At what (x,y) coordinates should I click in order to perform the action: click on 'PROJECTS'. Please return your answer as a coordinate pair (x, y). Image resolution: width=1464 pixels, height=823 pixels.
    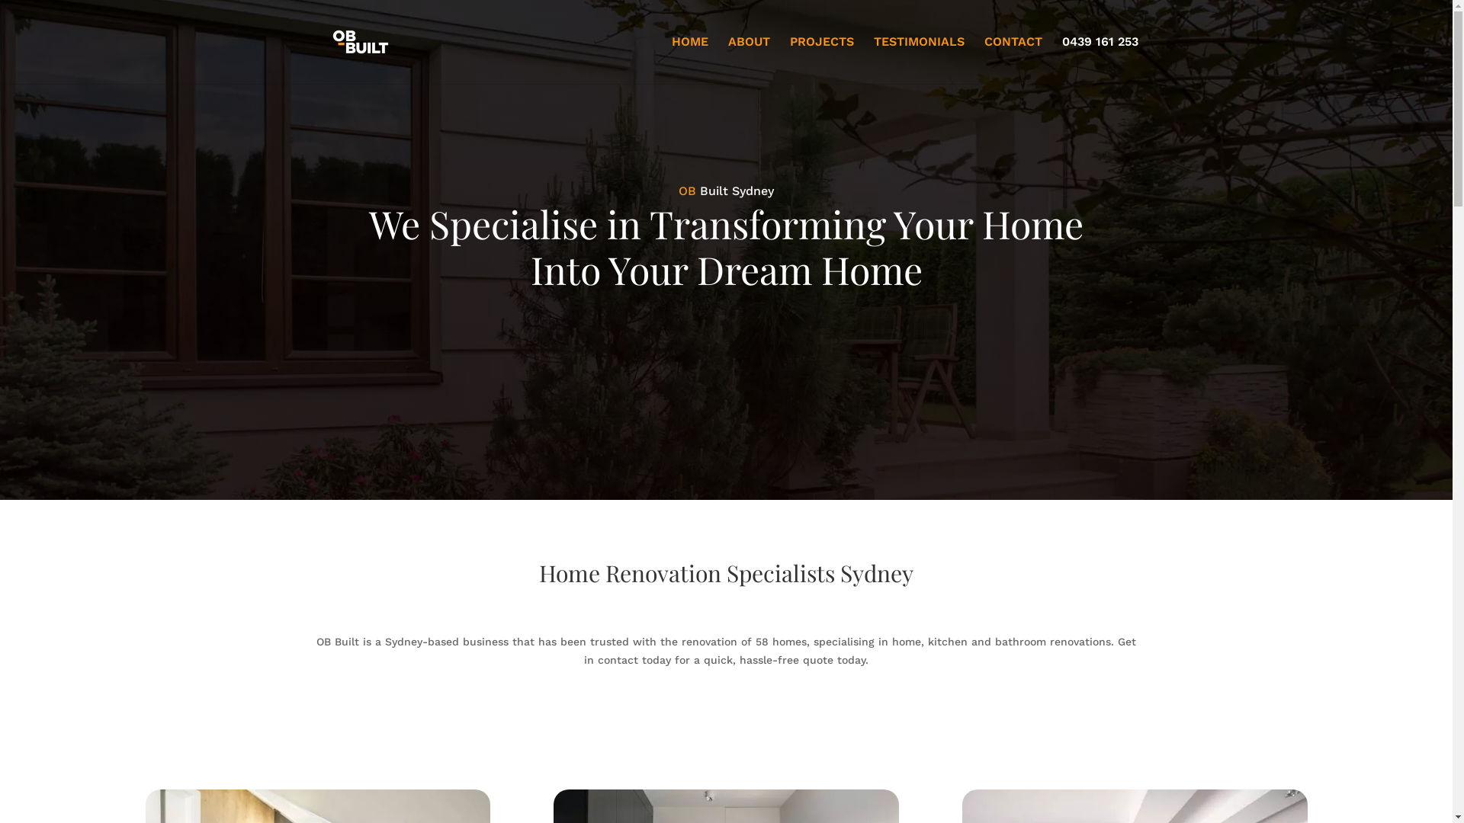
    Looking at the image, I should click on (821, 59).